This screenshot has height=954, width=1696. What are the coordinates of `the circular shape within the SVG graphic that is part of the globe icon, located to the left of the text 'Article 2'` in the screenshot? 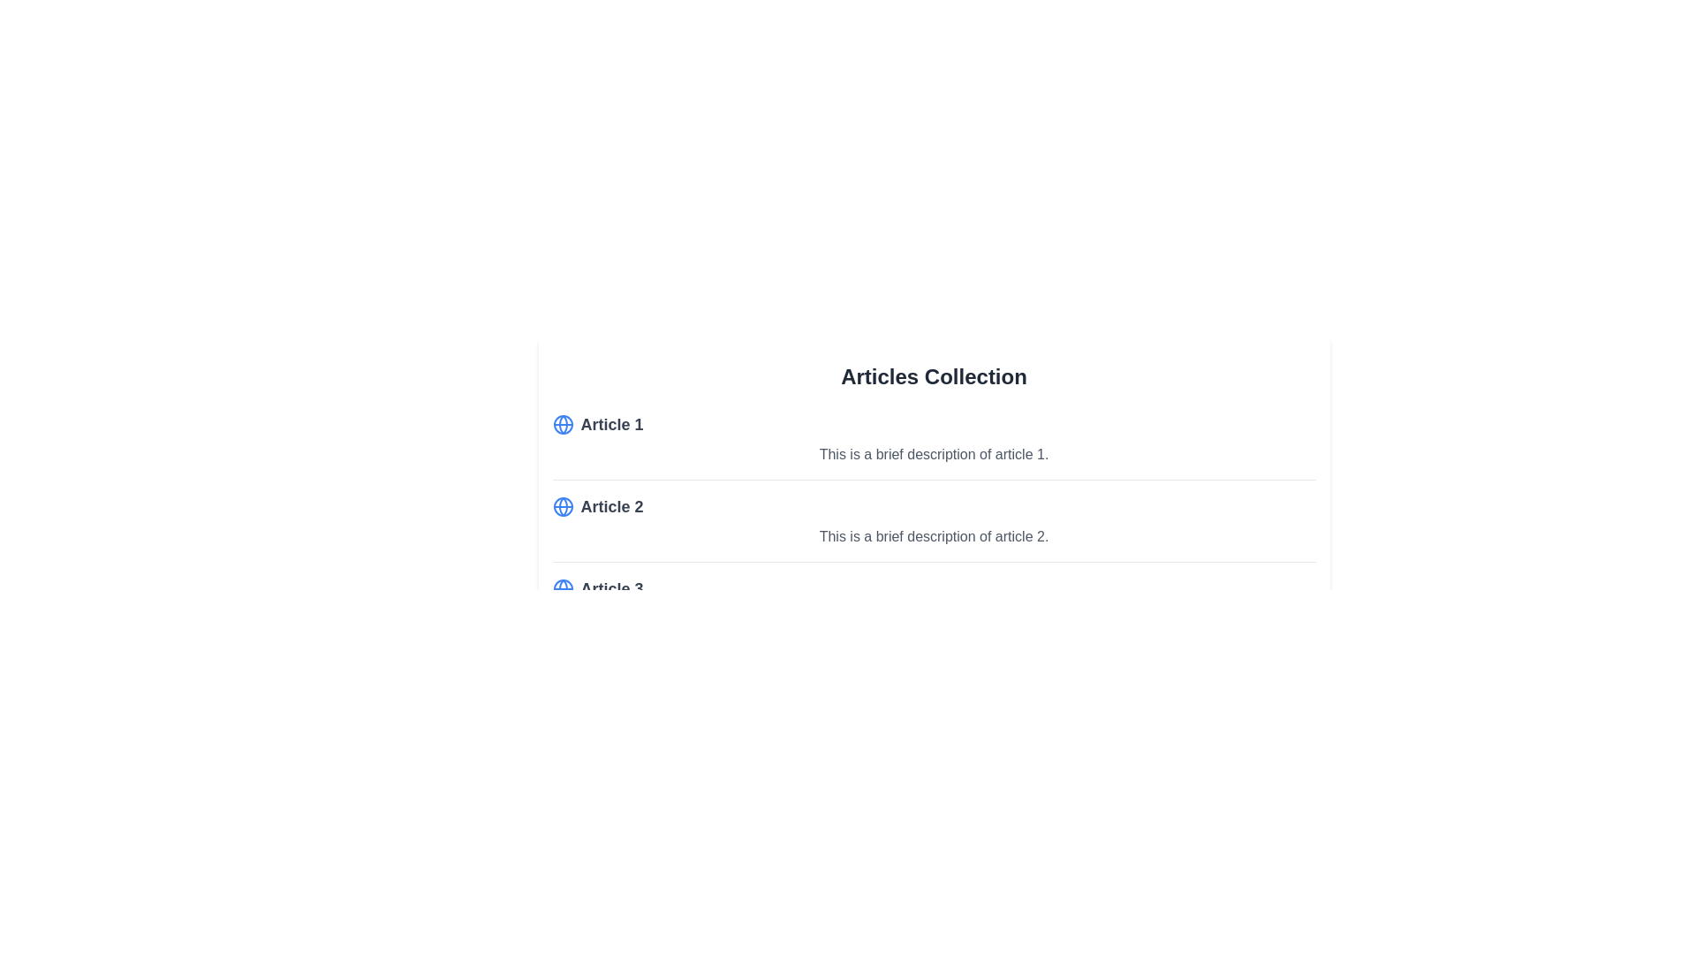 It's located at (562, 425).